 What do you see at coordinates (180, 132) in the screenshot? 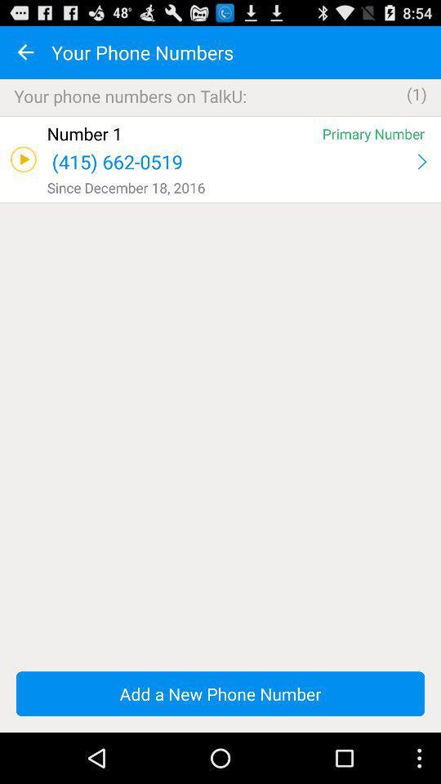
I see `item above  (415) 662-0519 icon` at bounding box center [180, 132].